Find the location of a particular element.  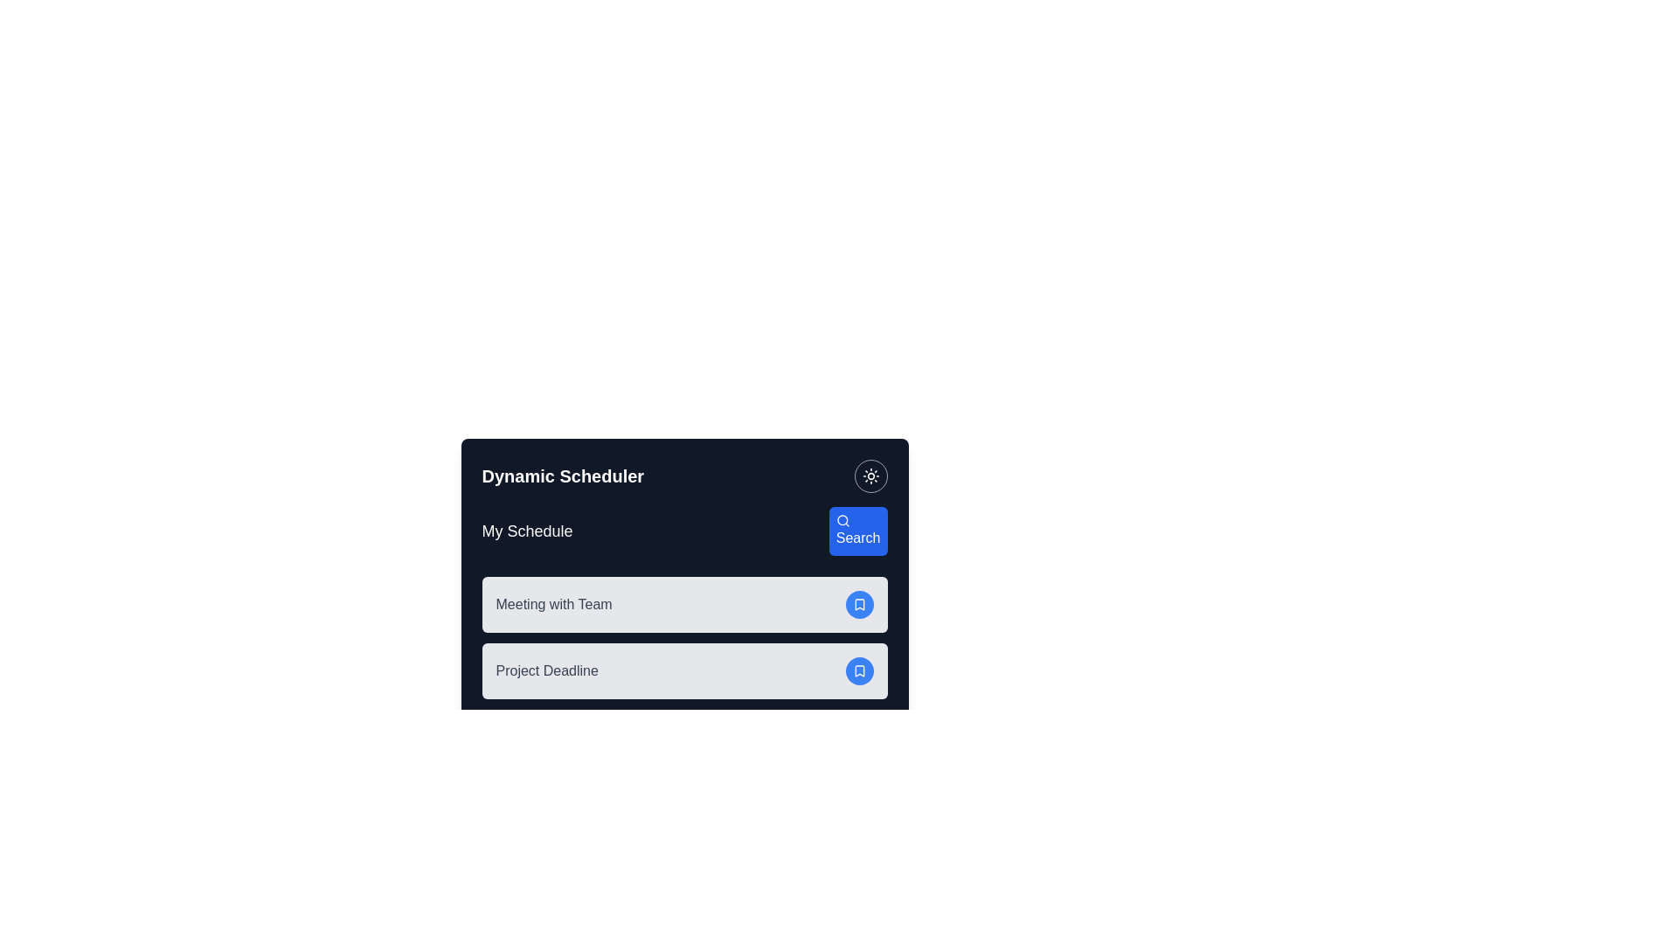

the button located in the top-right corner of the 'Dynamic Scheduler' panel is located at coordinates (870, 475).